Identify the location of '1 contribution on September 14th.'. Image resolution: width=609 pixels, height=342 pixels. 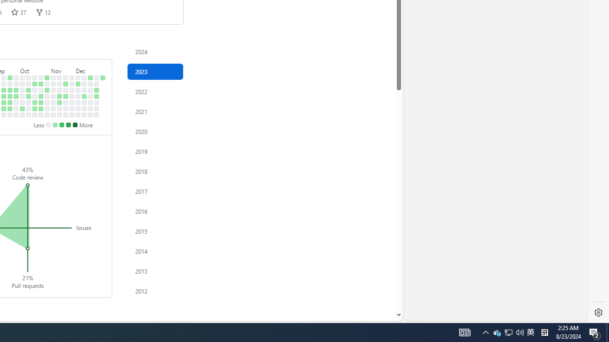
(4, 102).